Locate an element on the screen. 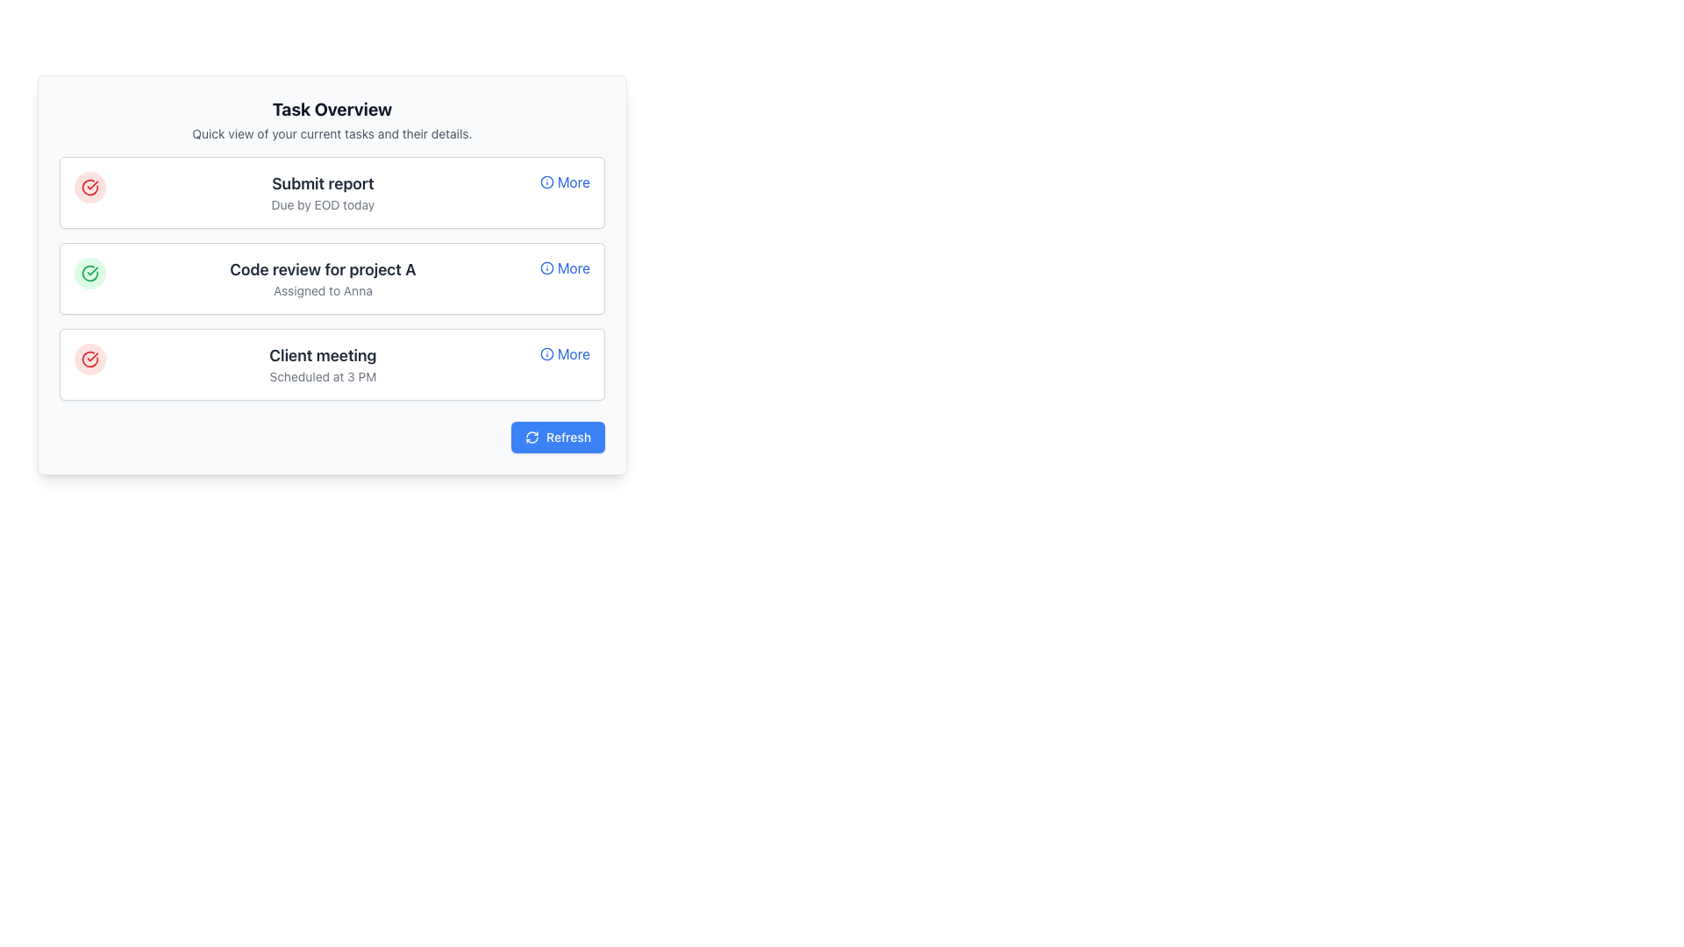 This screenshot has width=1684, height=947. the 'More' button styled with blue color and an information icon, located in the upper right corner of the 'Submit report' group is located at coordinates (565, 182).